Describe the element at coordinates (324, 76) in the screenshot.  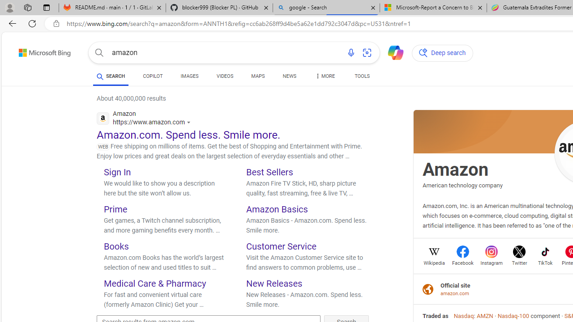
I see `'Dropdown Menu'` at that location.